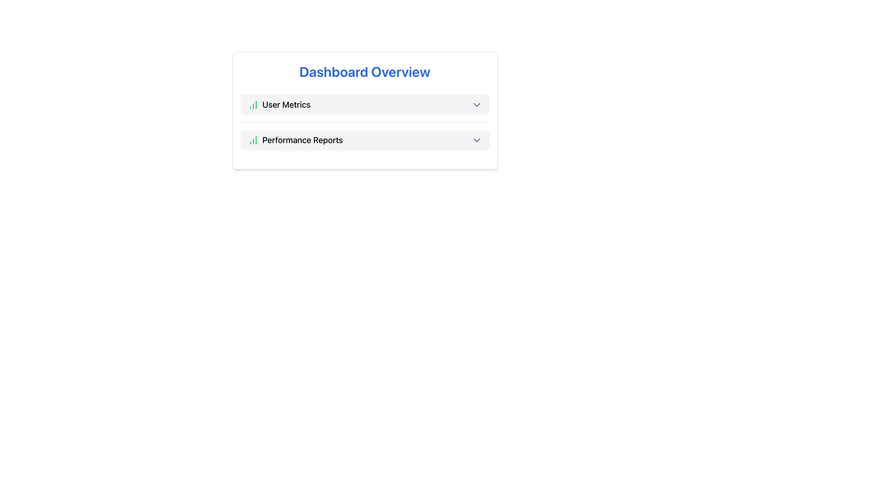 This screenshot has width=883, height=497. I want to click on the dropdown trigger button located just below the 'User Metrics' item, so click(364, 140).